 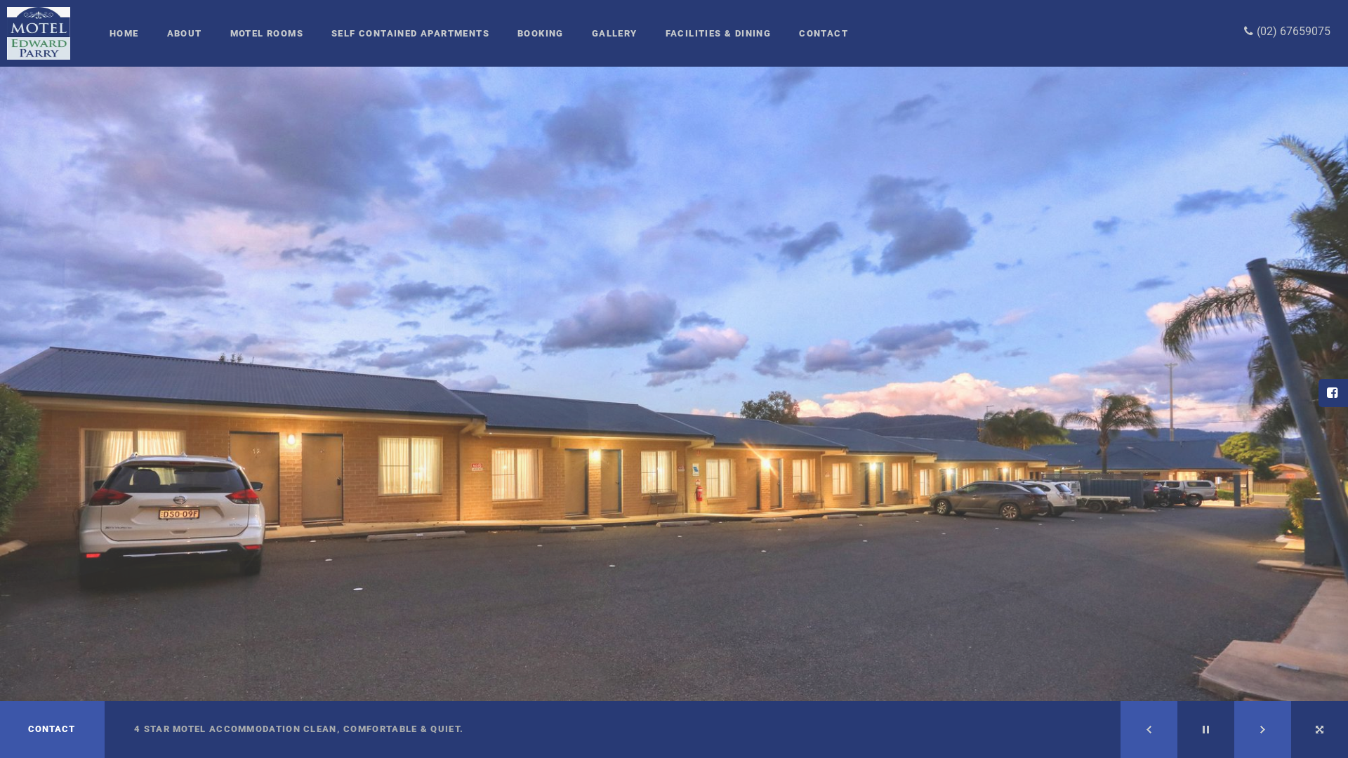 What do you see at coordinates (409, 32) in the screenshot?
I see `'SELF CONTAINED APARTMENTS'` at bounding box center [409, 32].